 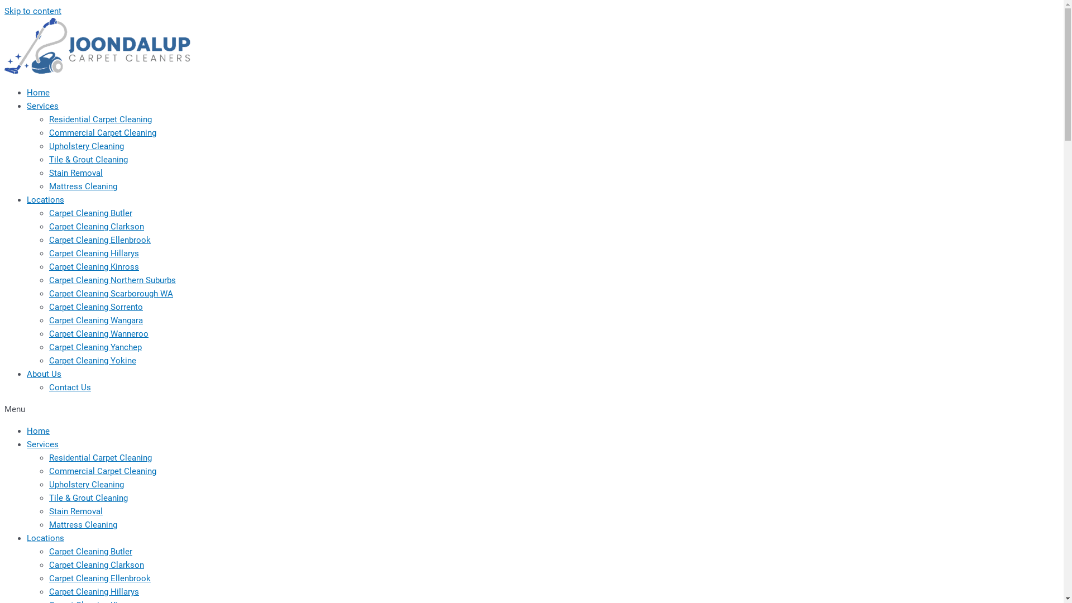 What do you see at coordinates (48, 146) in the screenshot?
I see `'Upholstery Cleaning'` at bounding box center [48, 146].